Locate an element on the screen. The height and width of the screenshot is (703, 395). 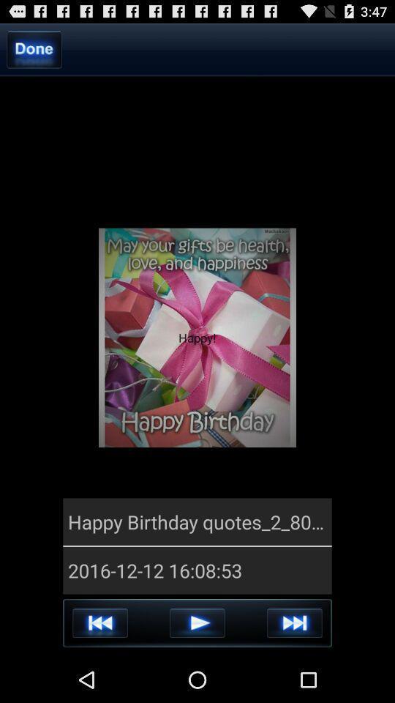
the play icon is located at coordinates (197, 666).